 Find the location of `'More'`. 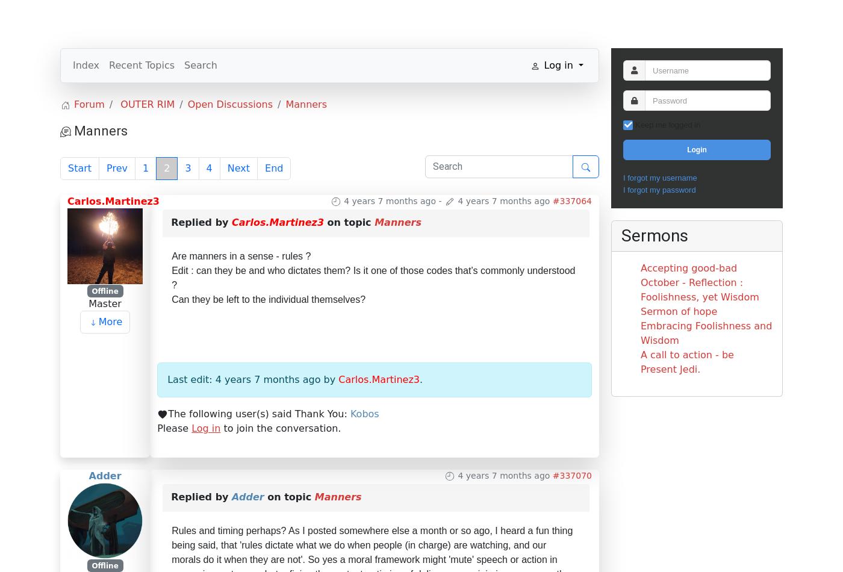

'More' is located at coordinates (110, 287).